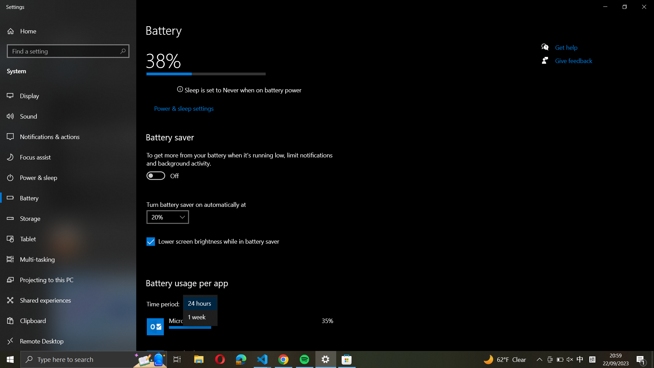  I want to click on Uncheck lower brightness level in battery saver mode, so click(150, 241).